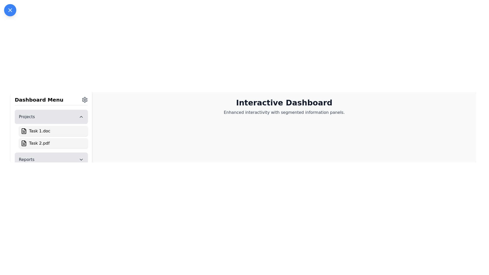 The image size is (489, 275). What do you see at coordinates (81, 159) in the screenshot?
I see `the downward-pointing chevron icon located to the right of the 'Reports' section in the left vertical sidebar menu` at bounding box center [81, 159].